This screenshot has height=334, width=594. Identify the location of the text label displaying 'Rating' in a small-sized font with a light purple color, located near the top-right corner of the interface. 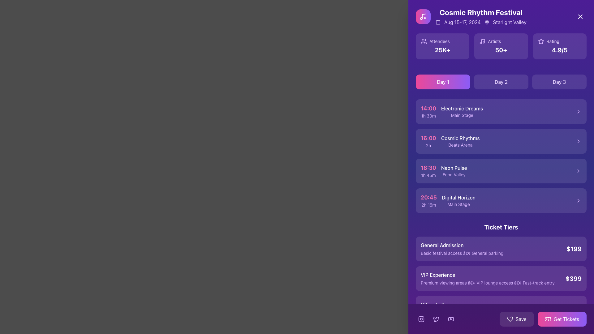
(553, 41).